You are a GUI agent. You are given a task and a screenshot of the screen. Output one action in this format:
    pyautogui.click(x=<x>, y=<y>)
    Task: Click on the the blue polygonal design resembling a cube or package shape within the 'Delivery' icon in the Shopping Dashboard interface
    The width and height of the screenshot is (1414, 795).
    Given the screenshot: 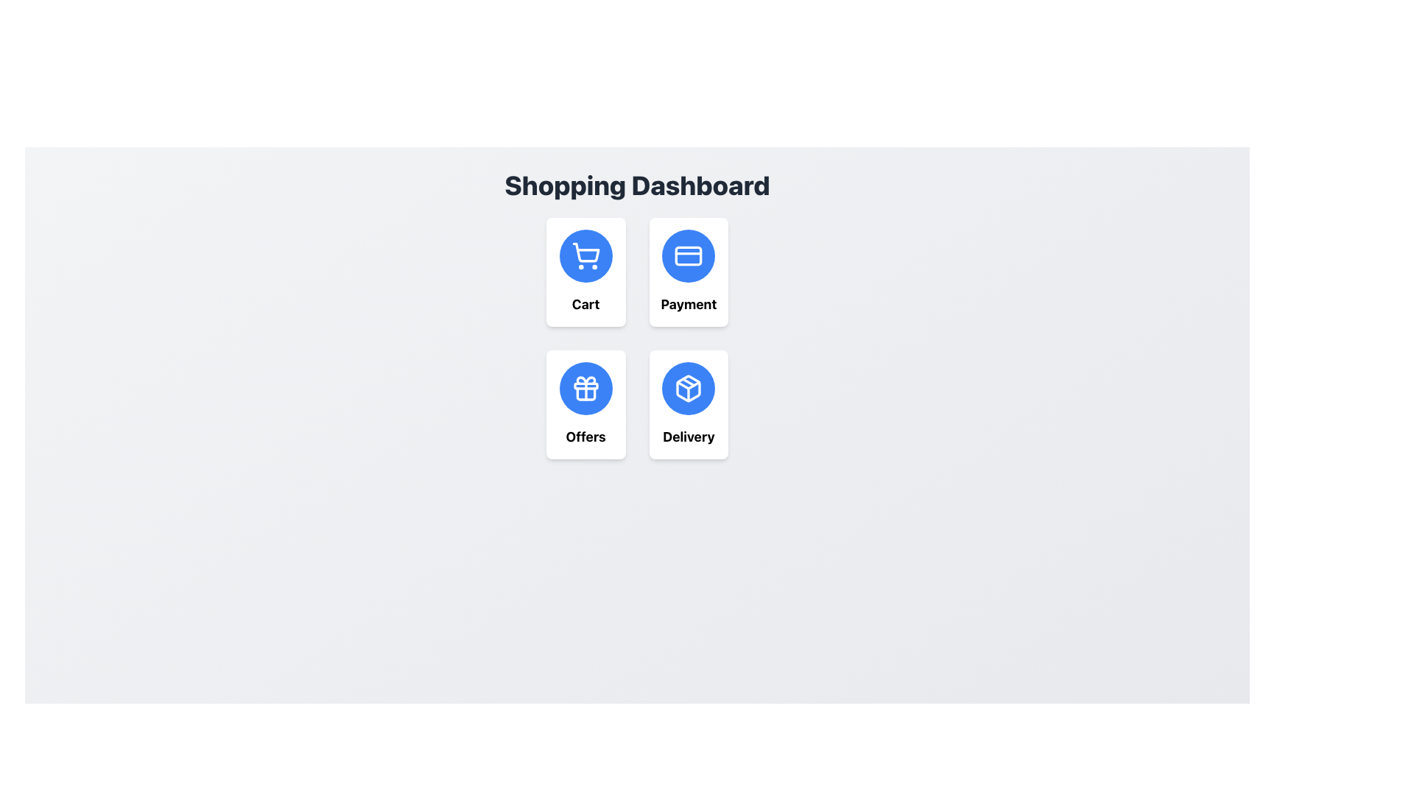 What is the action you would take?
    pyautogui.click(x=688, y=388)
    